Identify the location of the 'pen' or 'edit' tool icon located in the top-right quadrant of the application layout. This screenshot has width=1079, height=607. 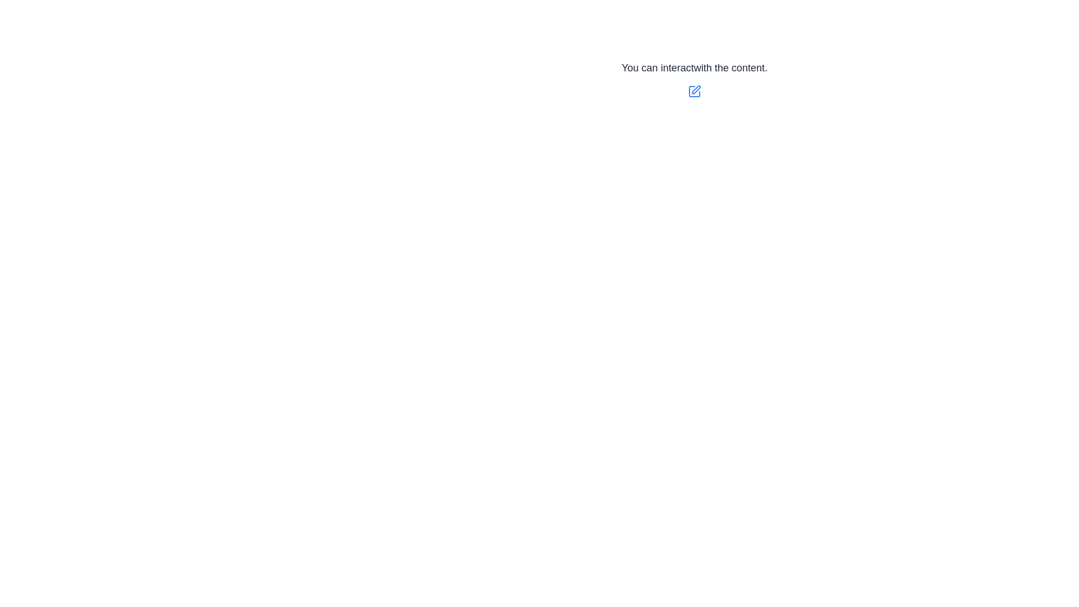
(694, 90).